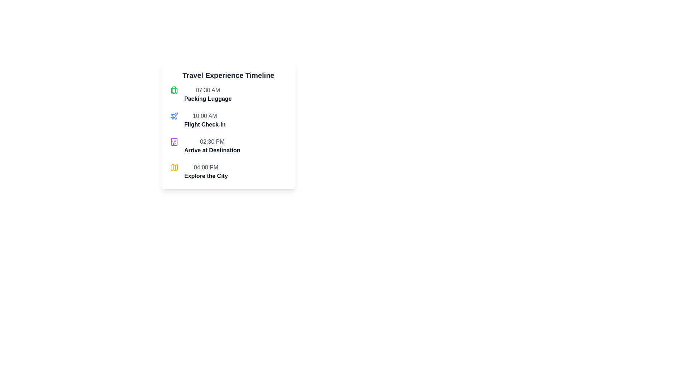  What do you see at coordinates (212, 145) in the screenshot?
I see `the text display element that shows '02:30 PM' and 'Arrive at Destination' in a timeline interface, positioned between '10:00 AM Flight Check-in' and '04:00 PM Explore the City'` at bounding box center [212, 145].